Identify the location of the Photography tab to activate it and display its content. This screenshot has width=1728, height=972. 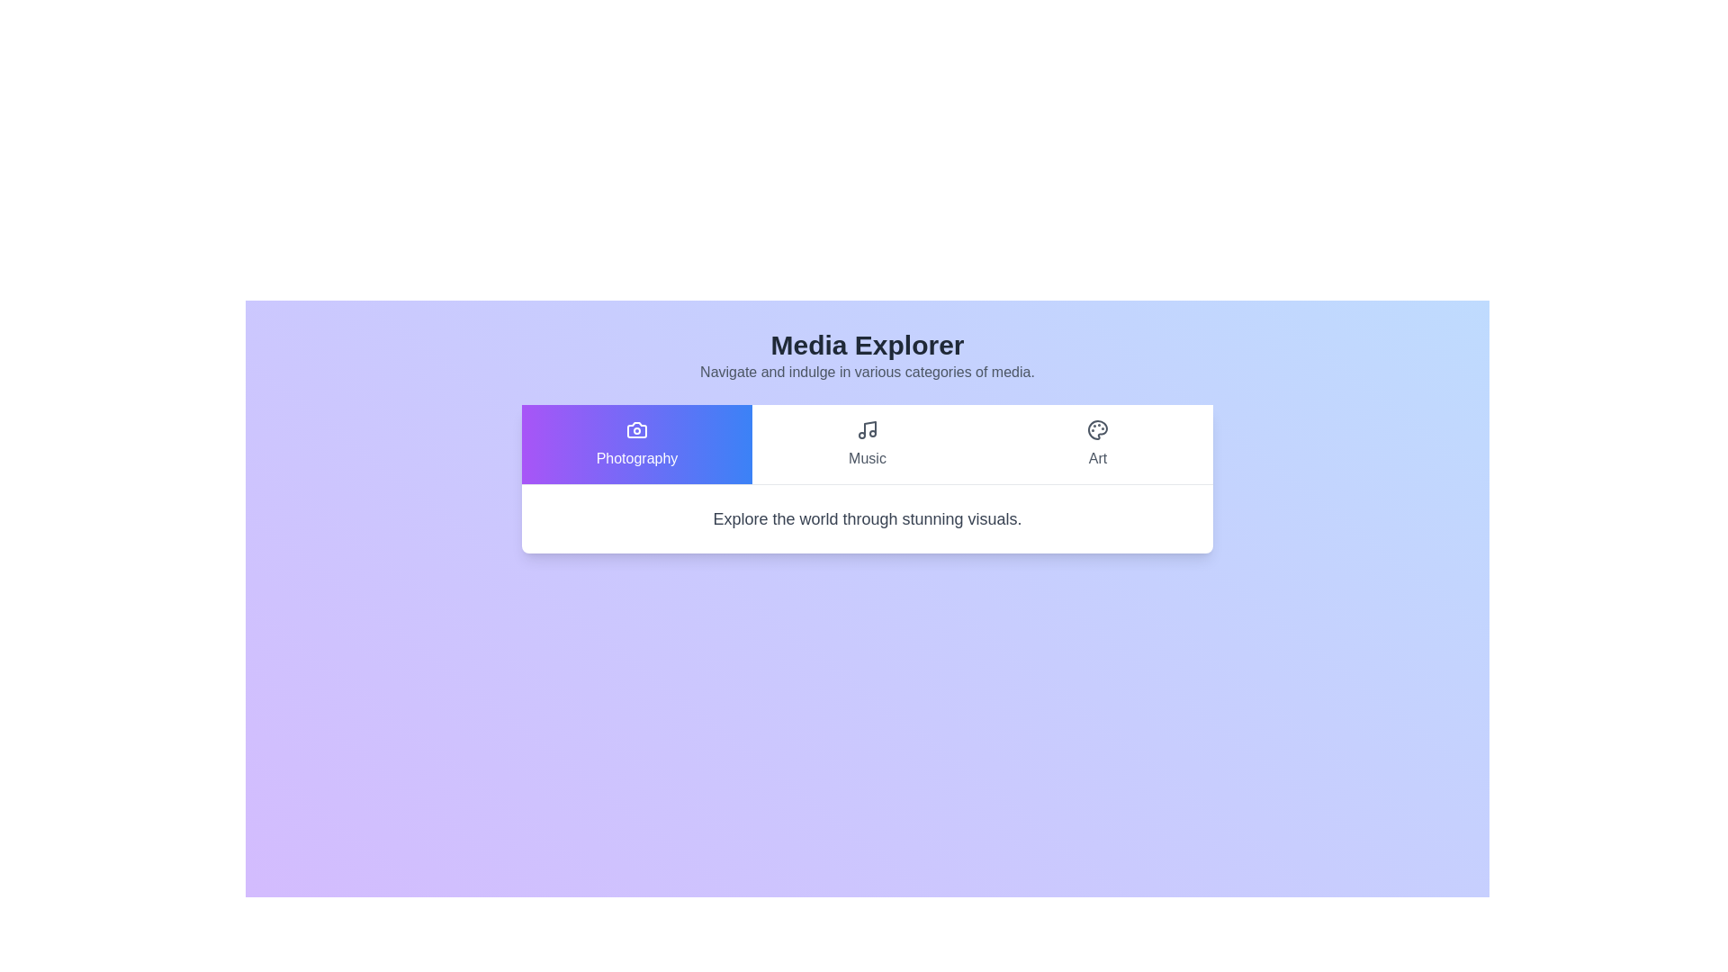
(637, 444).